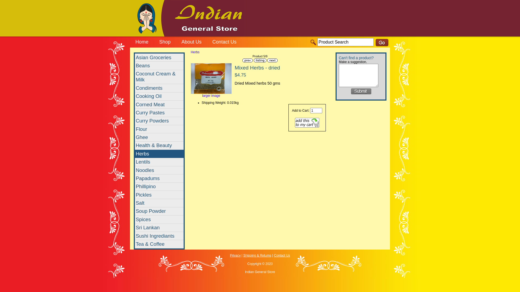 This screenshot has width=520, height=292. I want to click on 'Shop', so click(165, 42).